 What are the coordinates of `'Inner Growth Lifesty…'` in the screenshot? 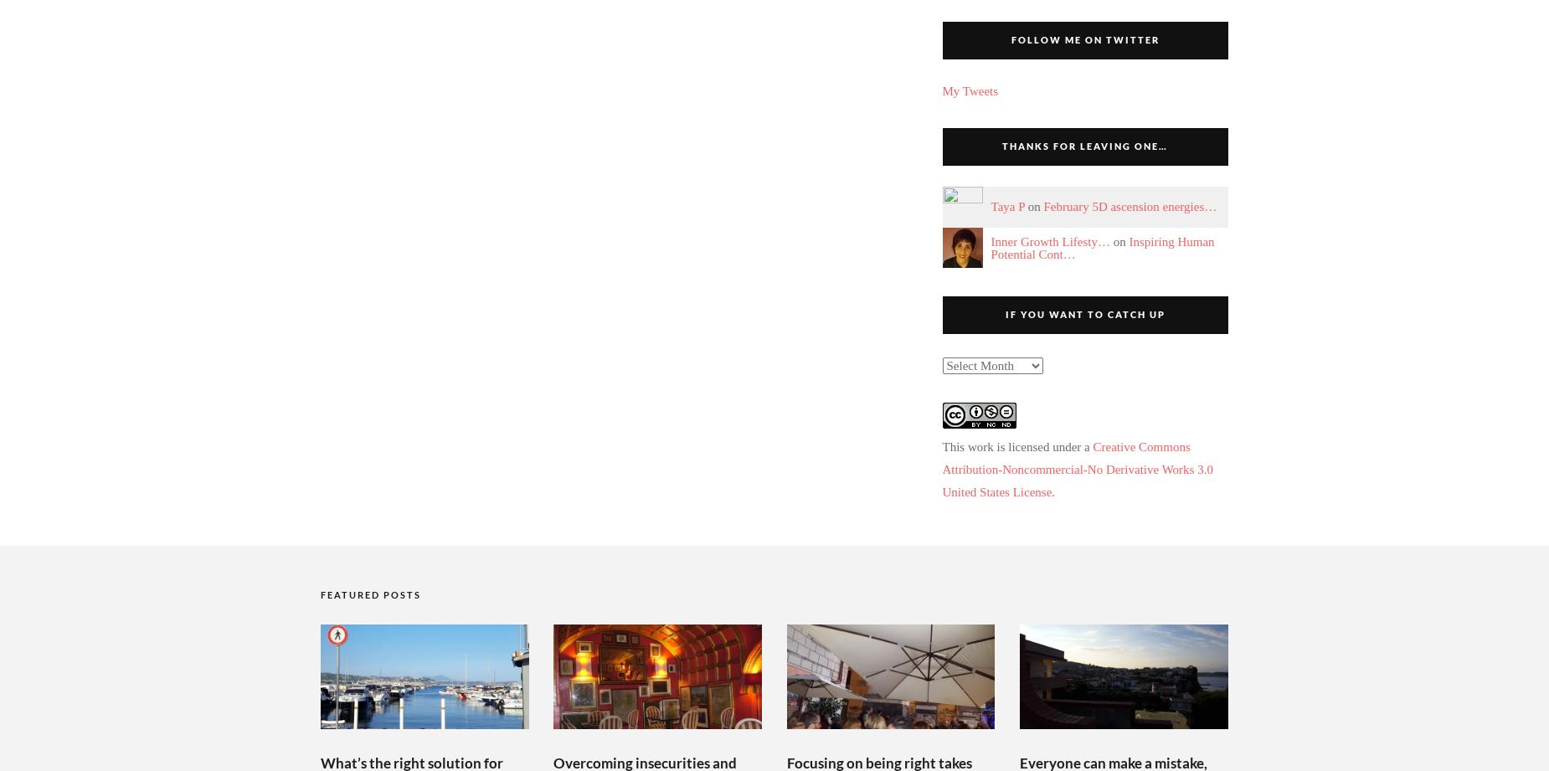 It's located at (1048, 241).